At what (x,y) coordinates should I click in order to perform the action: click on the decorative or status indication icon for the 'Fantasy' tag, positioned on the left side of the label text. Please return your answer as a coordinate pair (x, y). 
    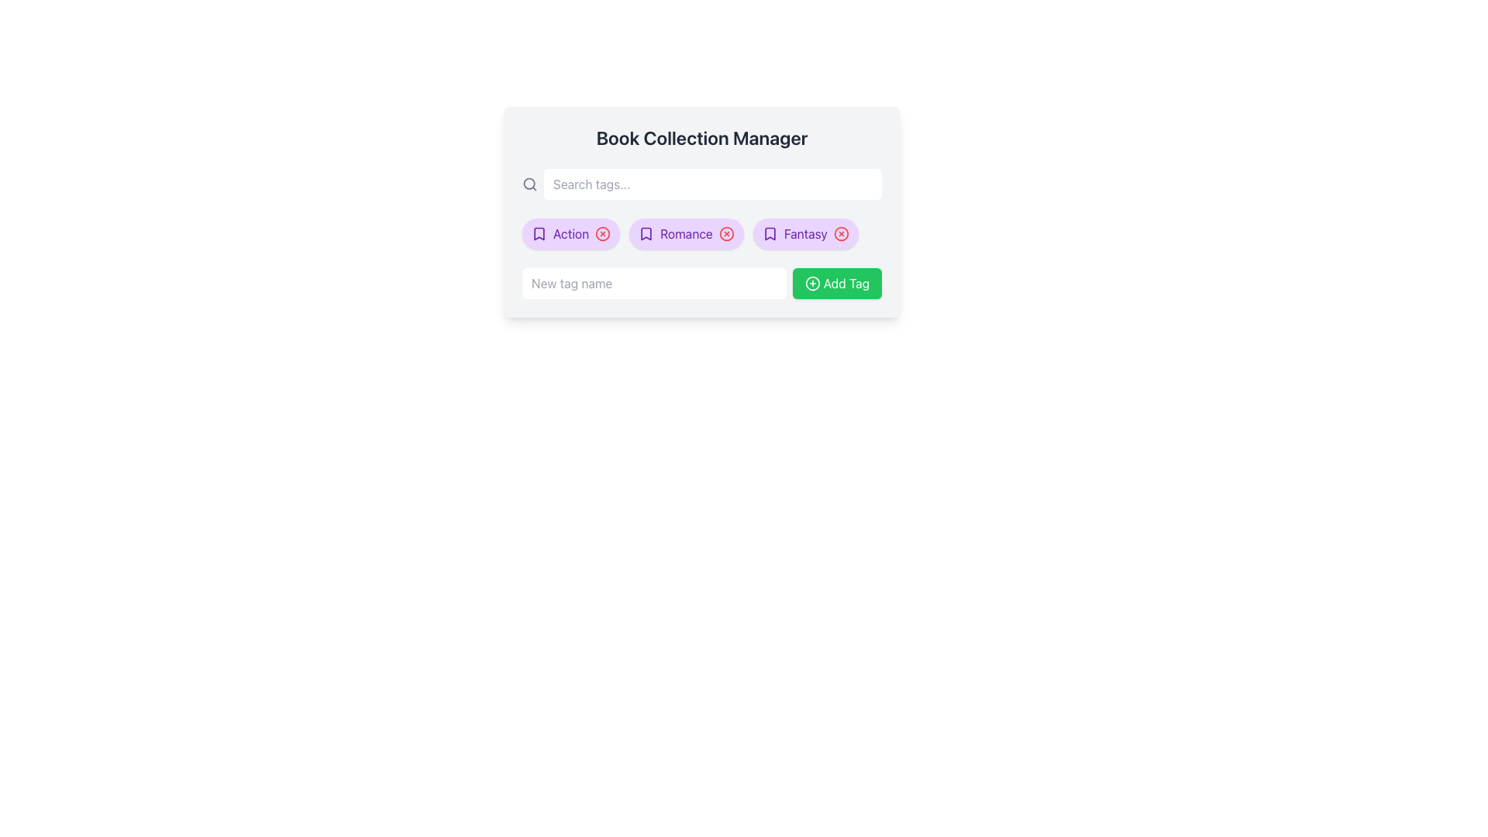
    Looking at the image, I should click on (770, 233).